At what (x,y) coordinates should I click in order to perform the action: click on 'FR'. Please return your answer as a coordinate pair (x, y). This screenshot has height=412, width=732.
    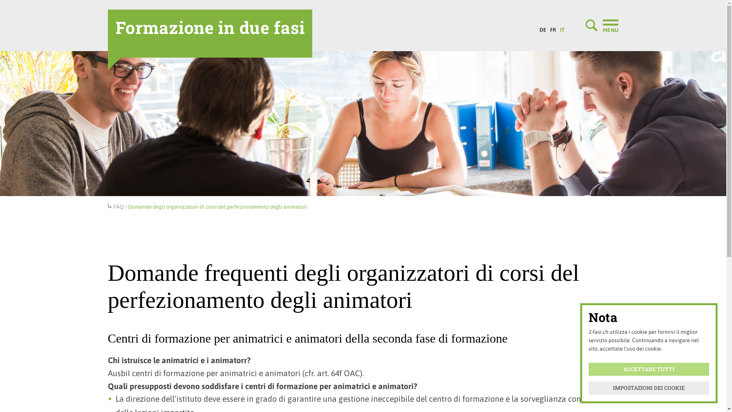
    Looking at the image, I should click on (548, 27).